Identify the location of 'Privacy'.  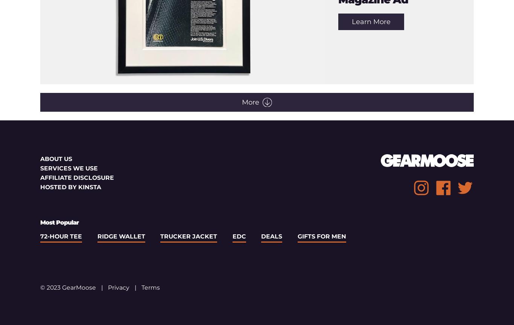
(119, 287).